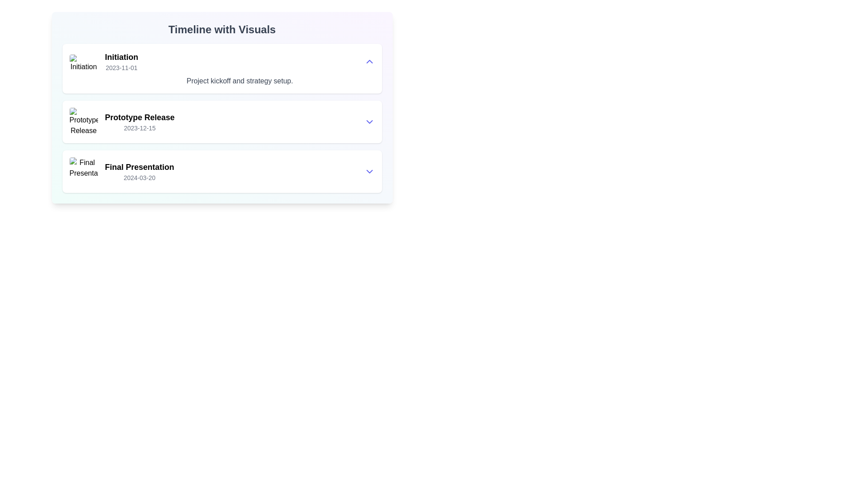  Describe the element at coordinates (121, 67) in the screenshot. I see `the text label displaying the date associated with the 'Initiation' timeline event, located directly below the 'Initiation' title in the timeline interface` at that location.